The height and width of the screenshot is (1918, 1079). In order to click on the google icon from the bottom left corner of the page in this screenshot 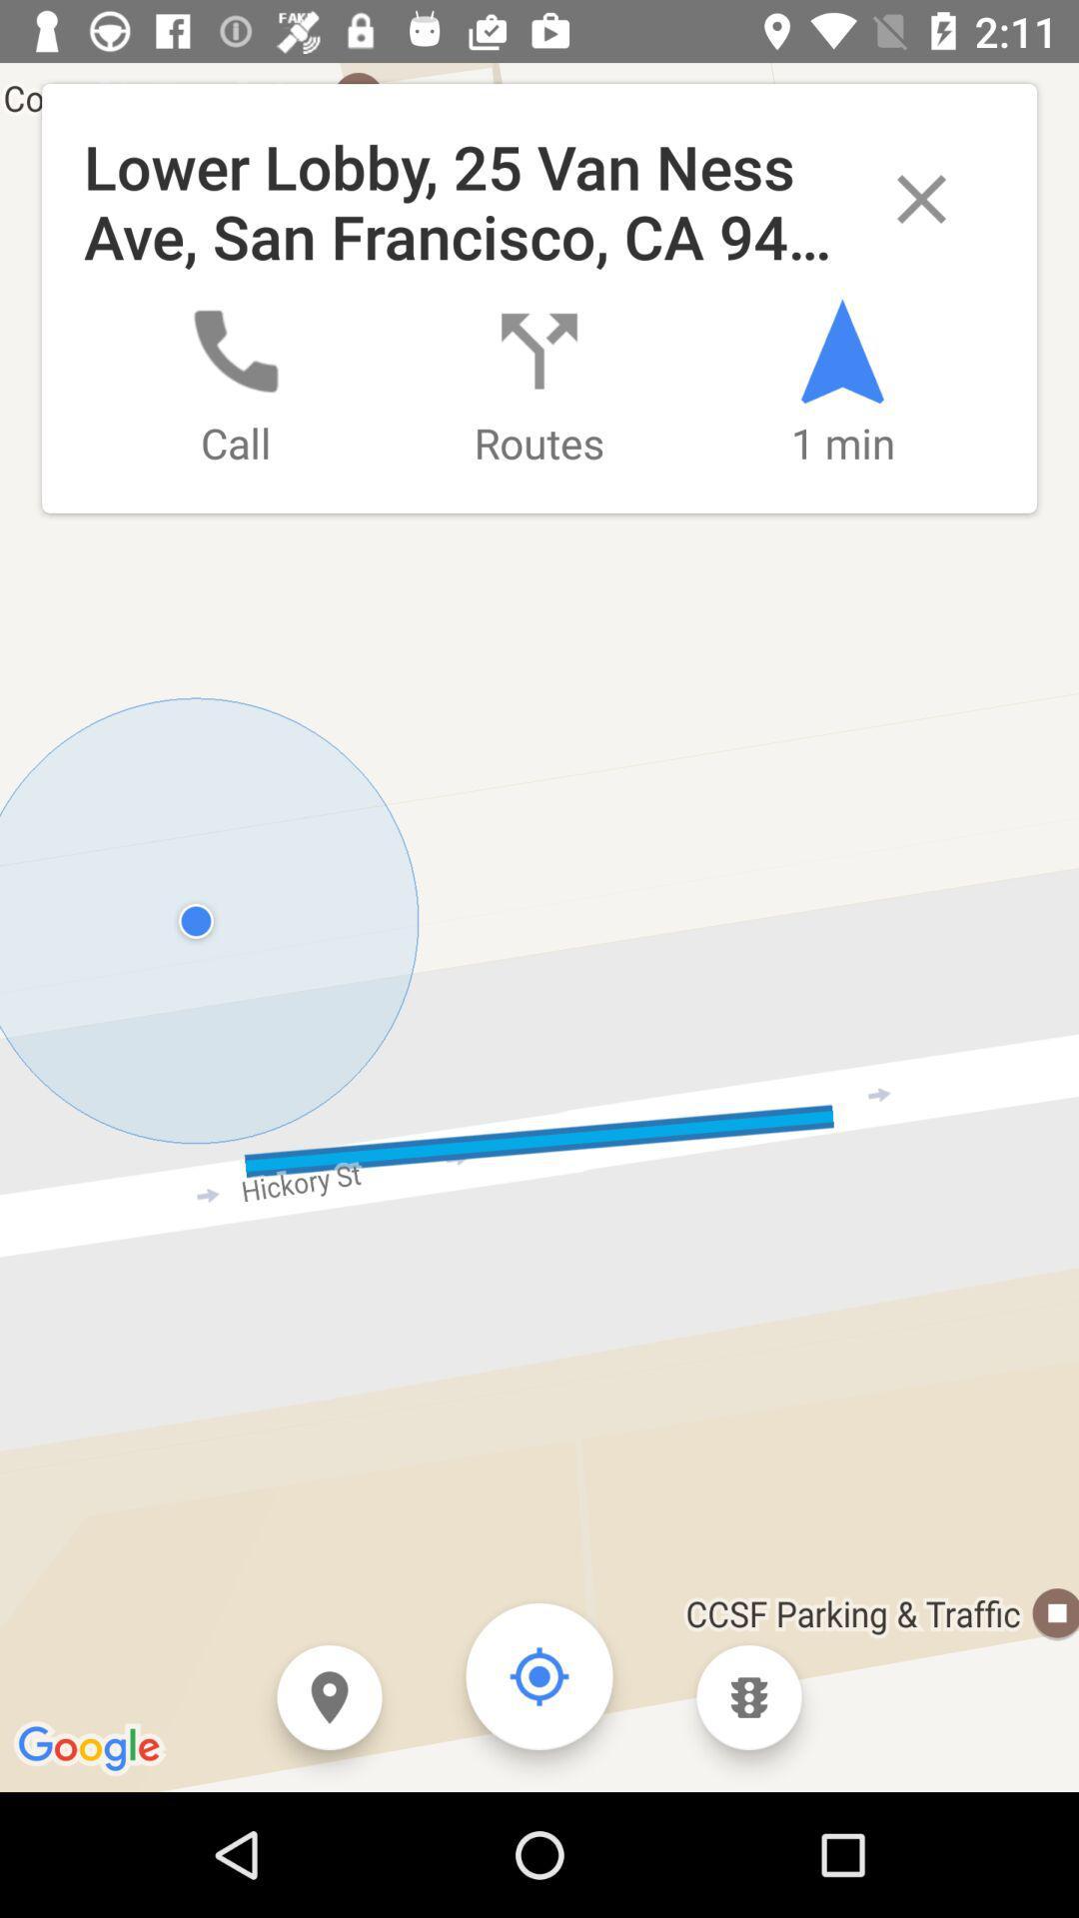, I will do `click(92, 1749)`.